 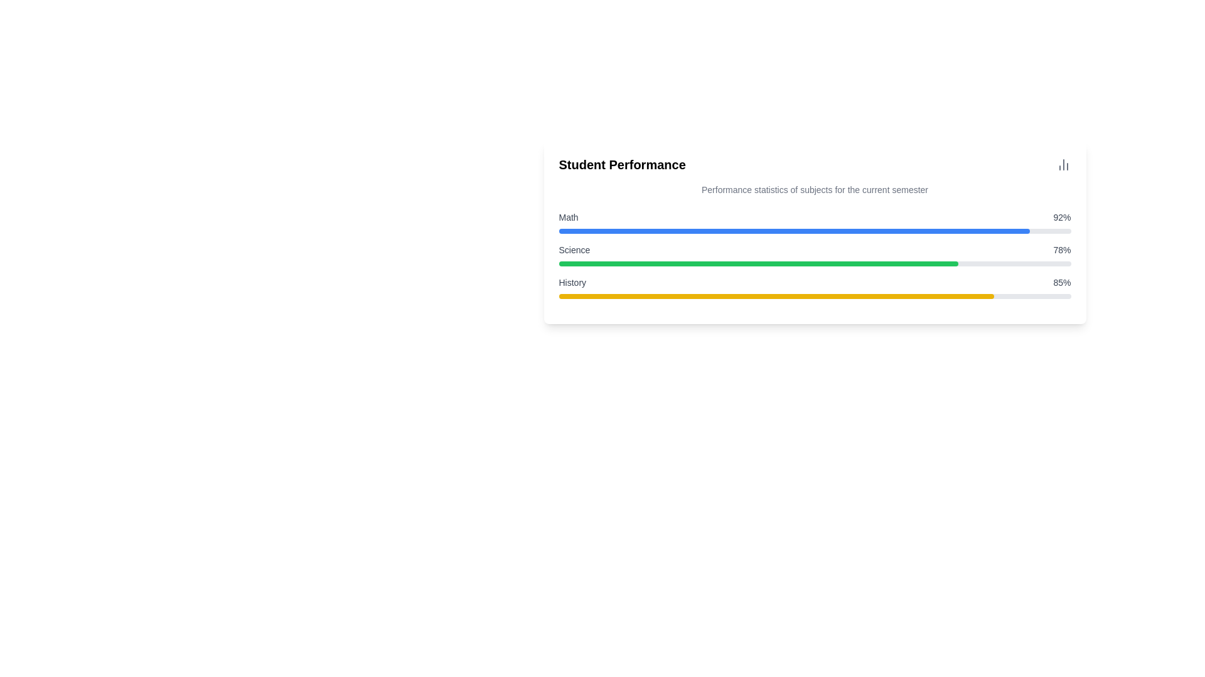 What do you see at coordinates (815, 221) in the screenshot?
I see `the interactive labels of the Progress bar indicating a score of 92% for 'Math', positioned under 'Student Performance'` at bounding box center [815, 221].